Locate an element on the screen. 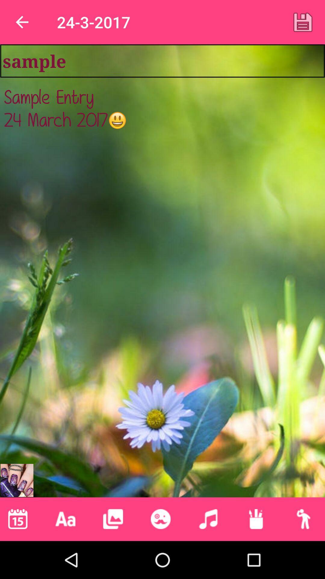 This screenshot has width=325, height=579. keyboard is located at coordinates (65, 519).